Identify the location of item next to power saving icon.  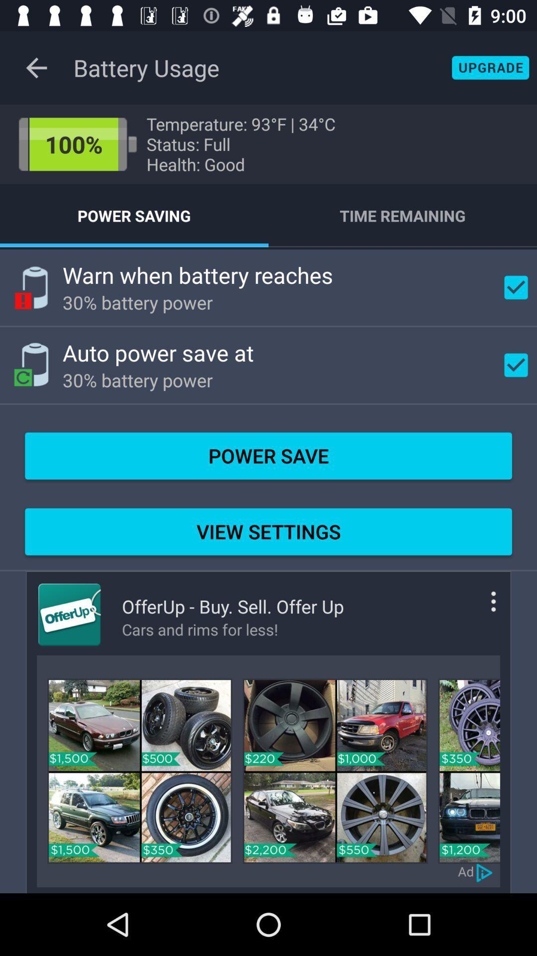
(403, 215).